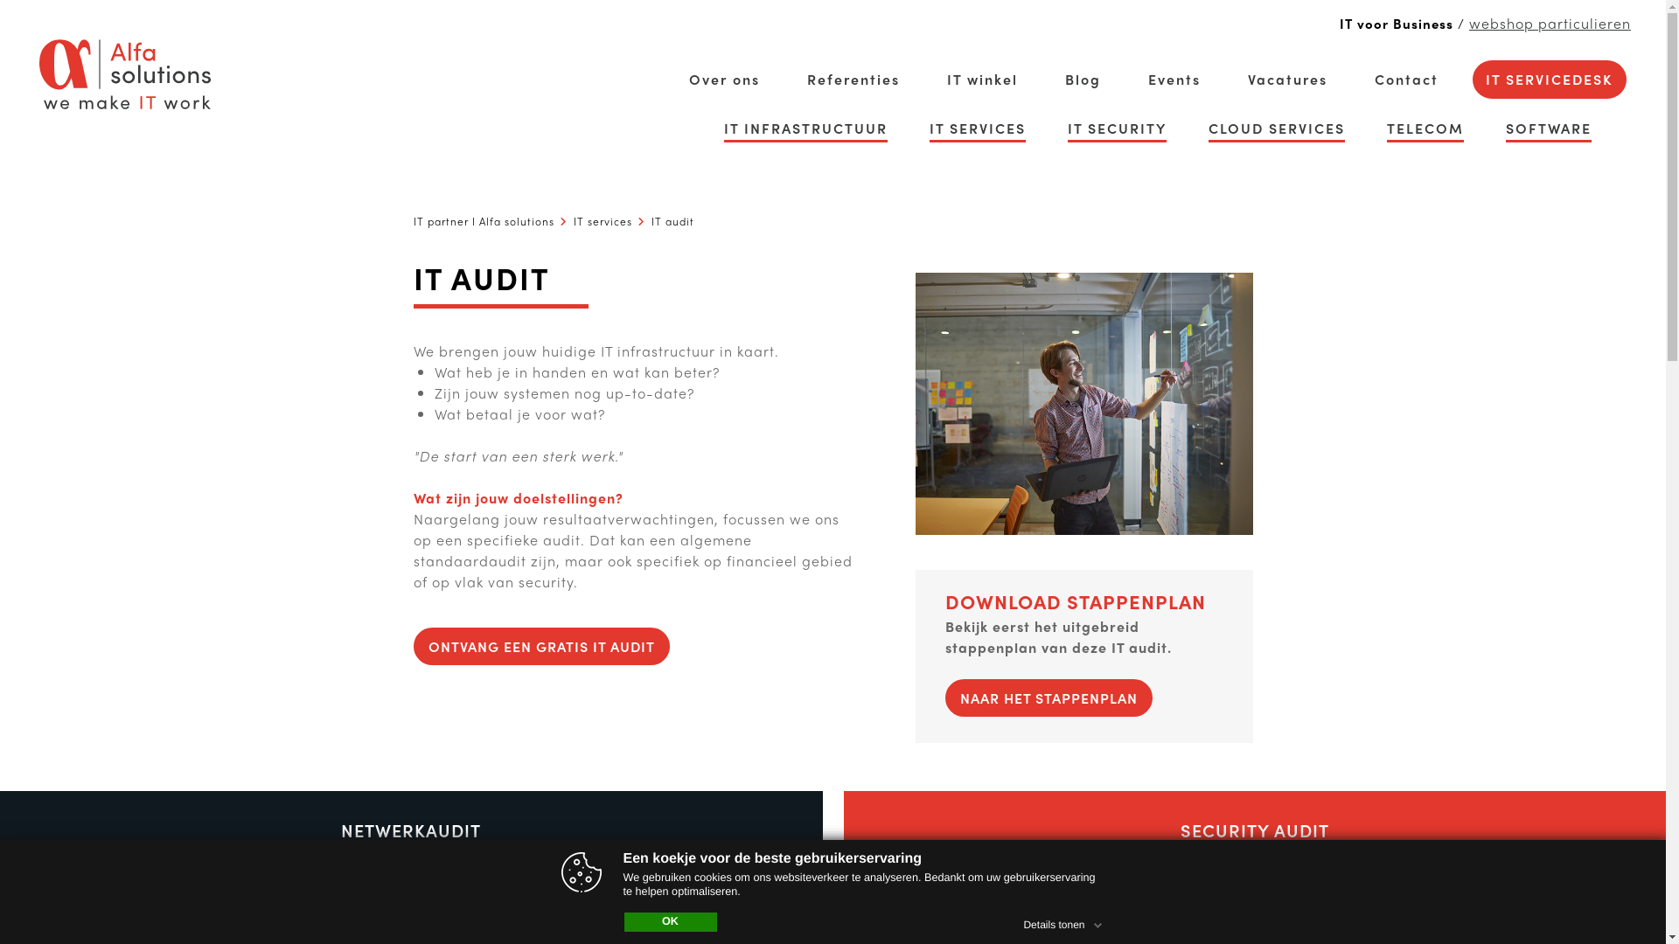  Describe the element at coordinates (946, 80) in the screenshot. I see `'IT winkel'` at that location.